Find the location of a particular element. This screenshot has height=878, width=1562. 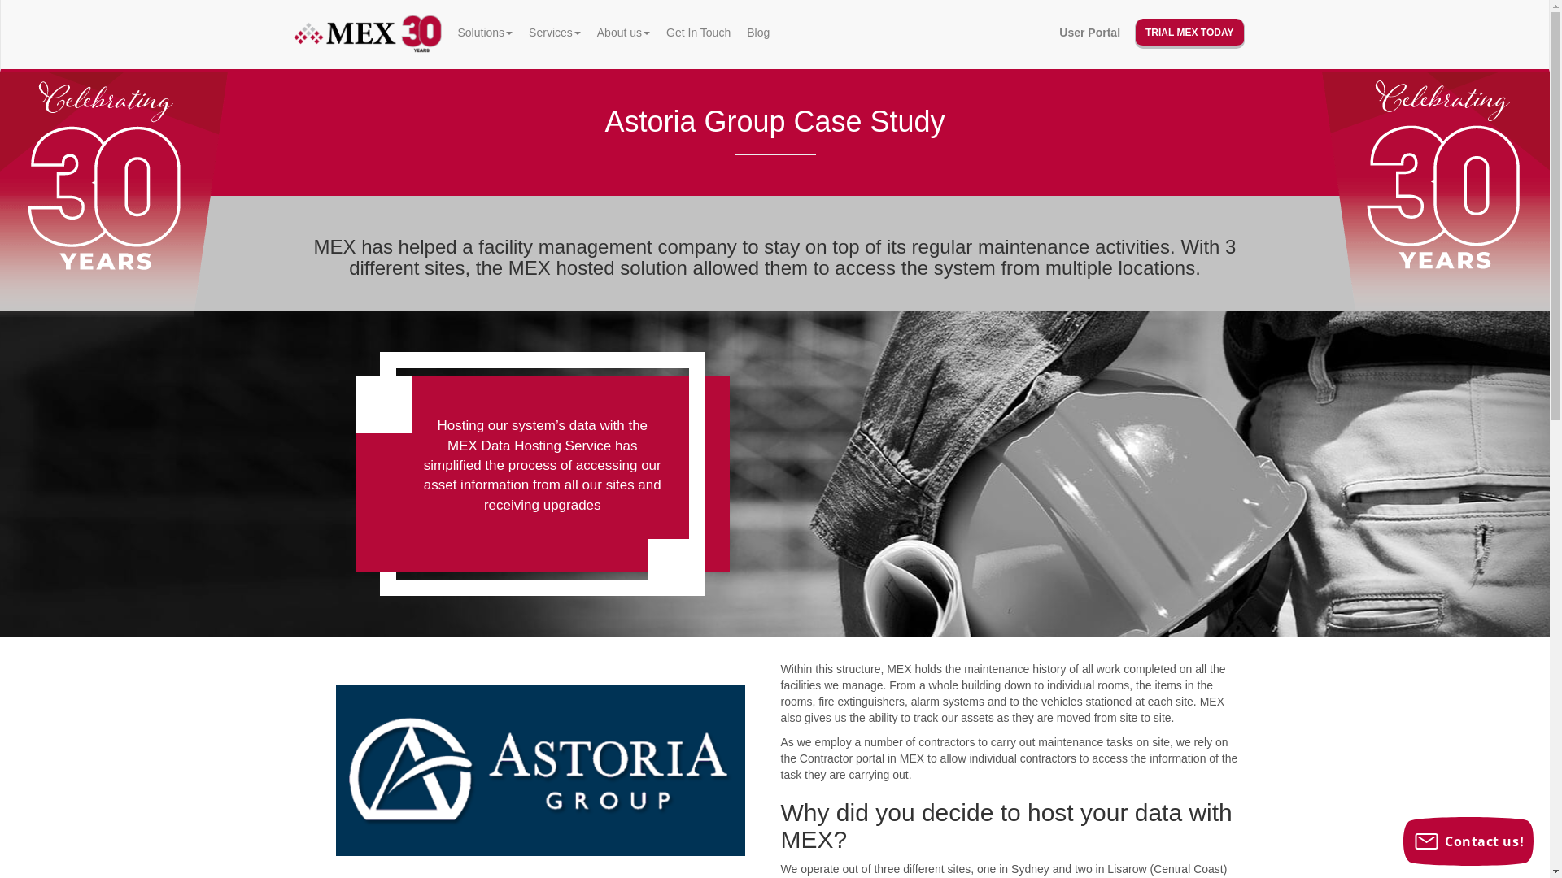

'Get In Touch' is located at coordinates (658, 32).